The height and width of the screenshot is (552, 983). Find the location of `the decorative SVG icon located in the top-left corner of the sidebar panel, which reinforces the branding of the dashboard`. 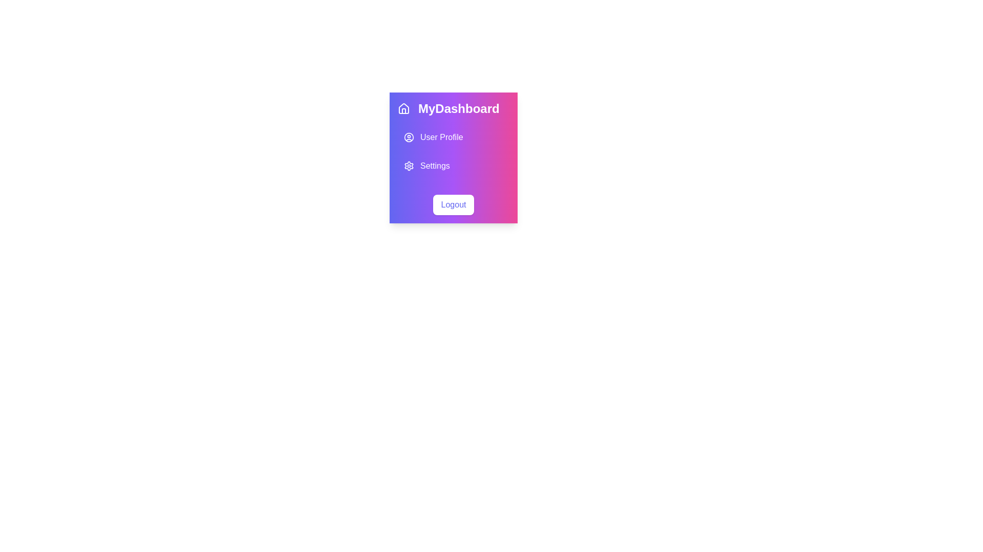

the decorative SVG icon located in the top-left corner of the sidebar panel, which reinforces the branding of the dashboard is located at coordinates (403, 108).